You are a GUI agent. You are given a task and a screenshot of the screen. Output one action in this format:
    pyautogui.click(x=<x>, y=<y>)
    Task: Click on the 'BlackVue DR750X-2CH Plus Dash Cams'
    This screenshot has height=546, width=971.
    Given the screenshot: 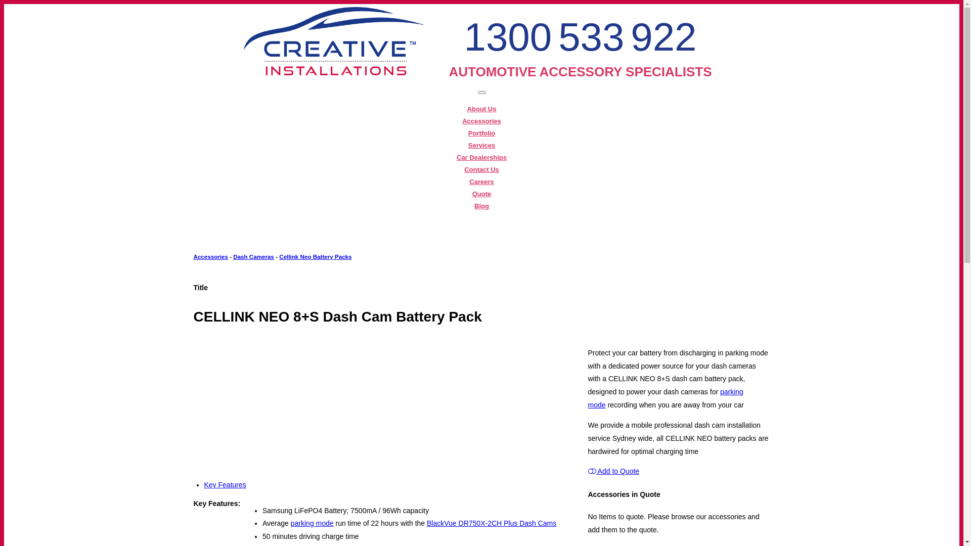 What is the action you would take?
    pyautogui.click(x=491, y=523)
    